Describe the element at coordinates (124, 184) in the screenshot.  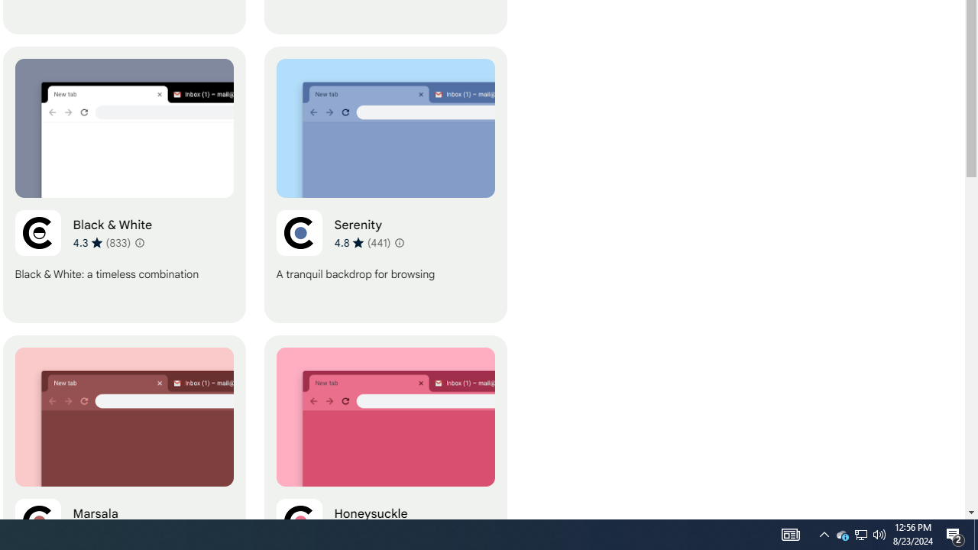
I see `'Black & White'` at that location.